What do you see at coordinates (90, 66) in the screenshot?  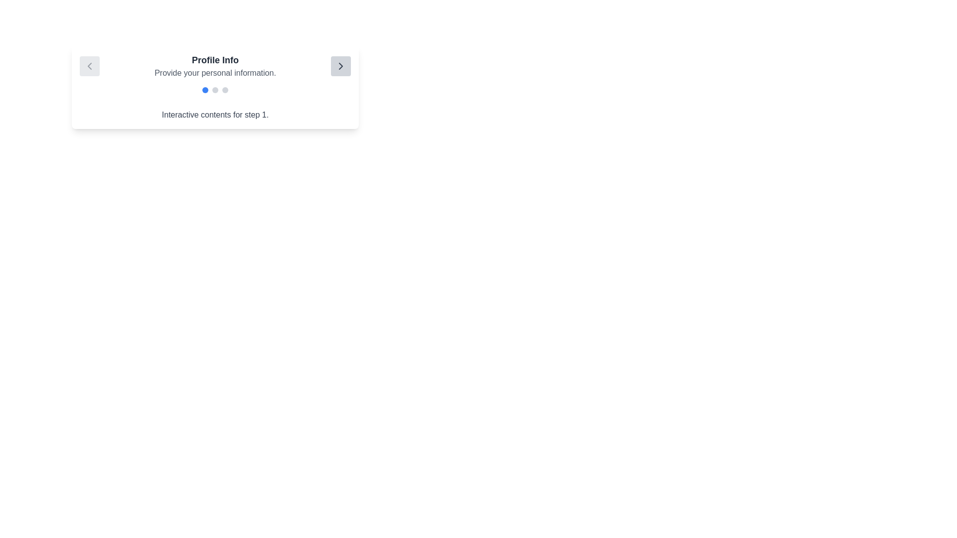 I see `the chevron icon embedded in the button located in the upper-left corner of the 'Profile Info' card` at bounding box center [90, 66].